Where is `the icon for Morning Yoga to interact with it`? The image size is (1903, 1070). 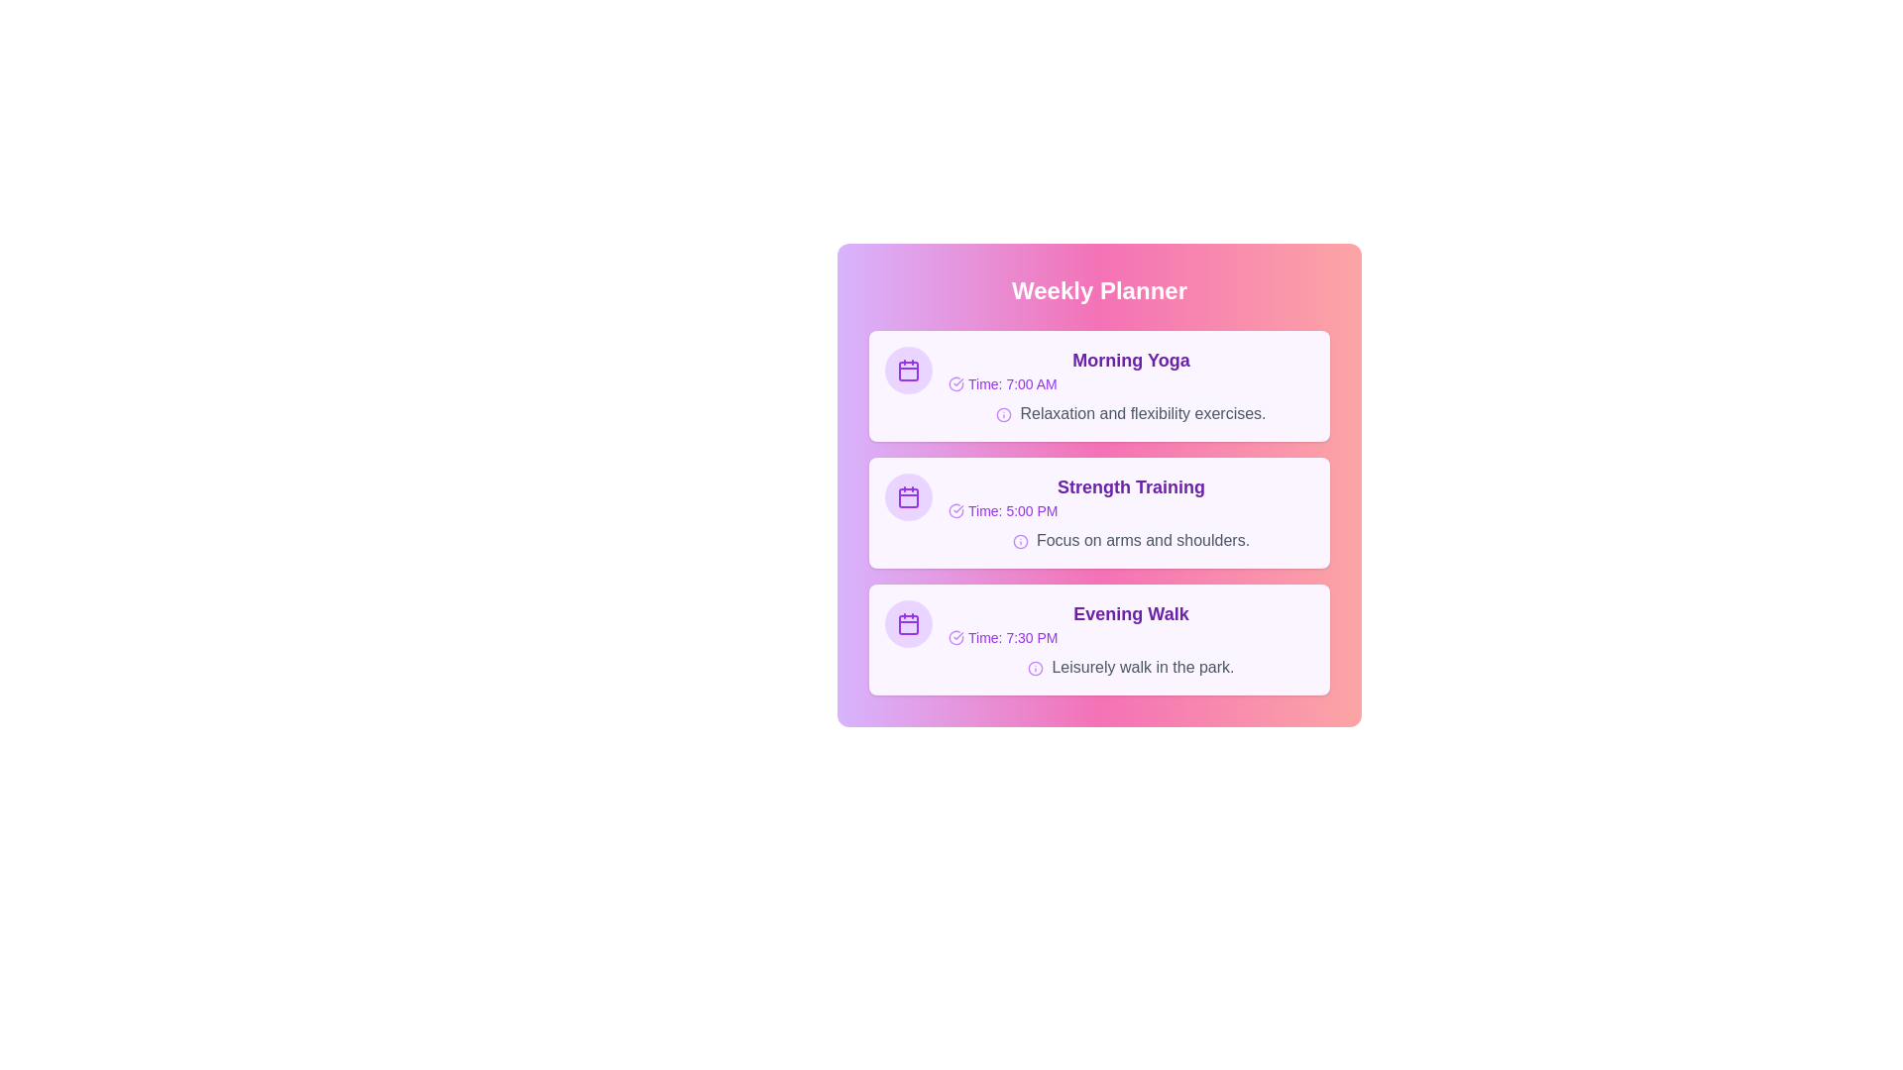 the icon for Morning Yoga to interact with it is located at coordinates (907, 371).